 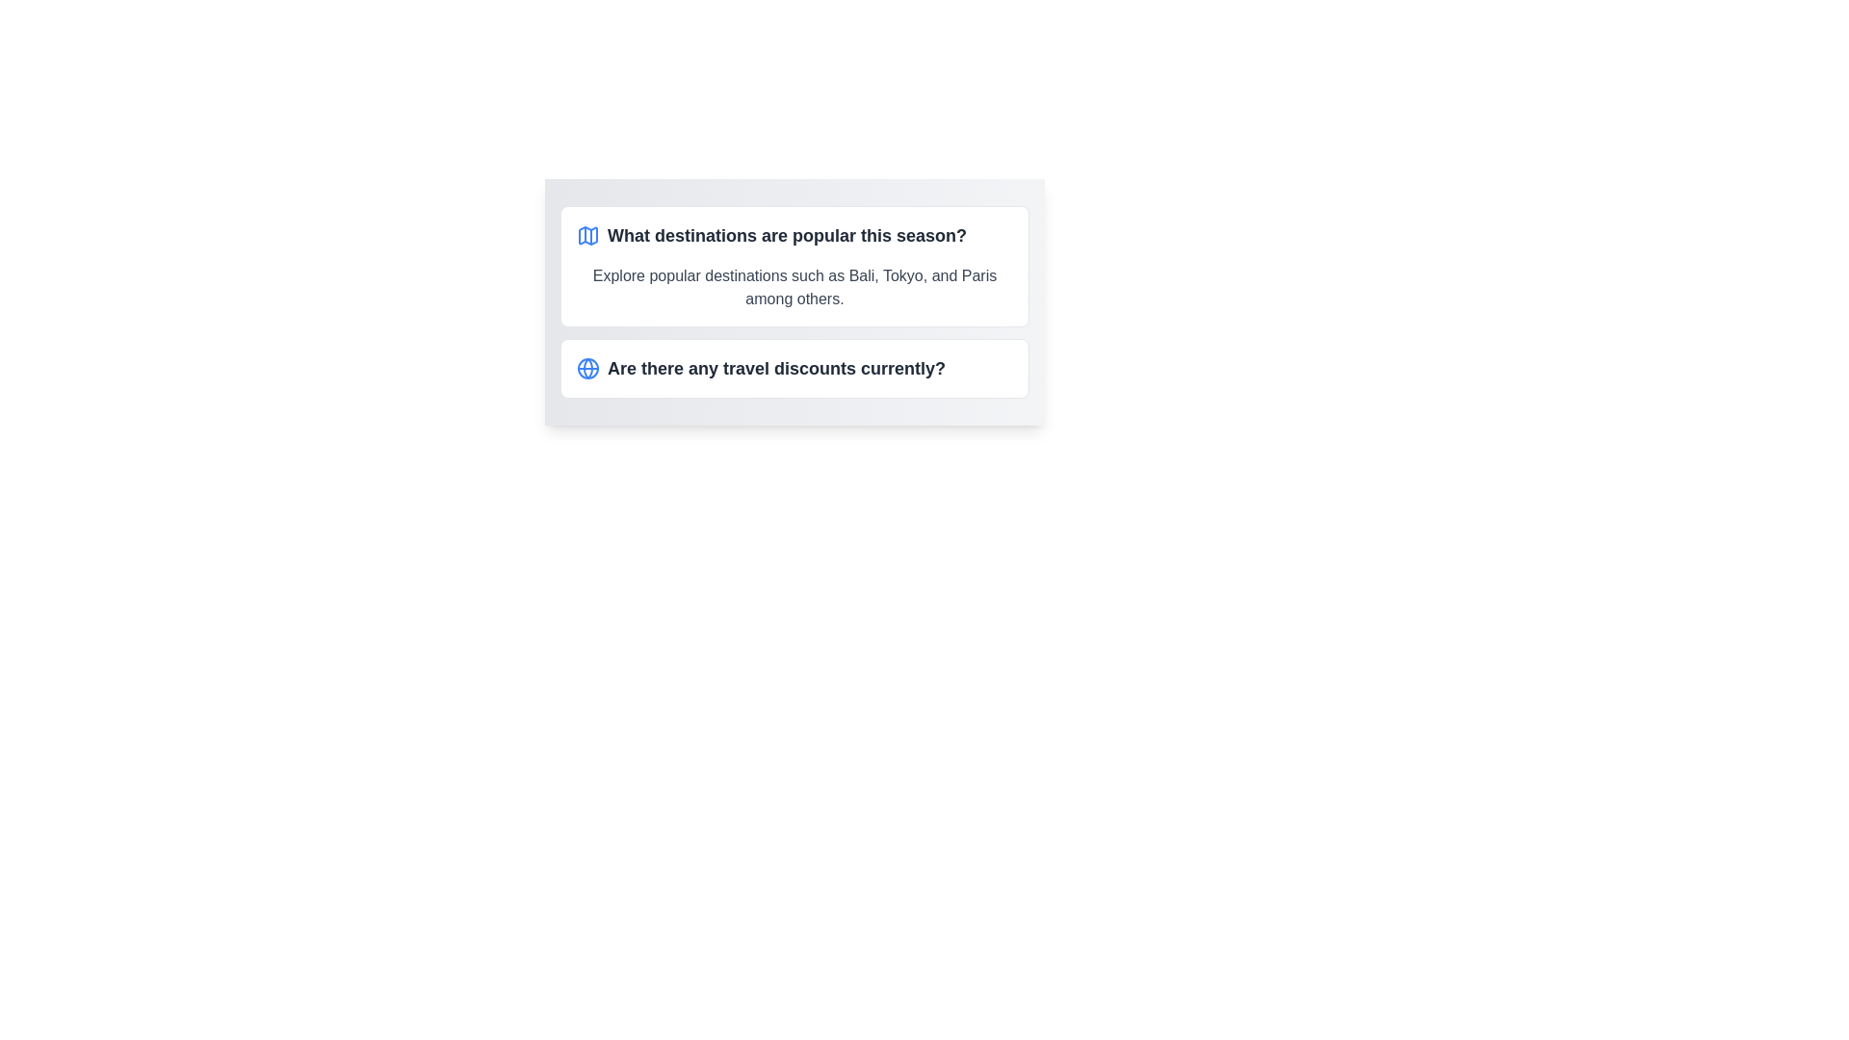 What do you see at coordinates (794, 235) in the screenshot?
I see `the header that introduces or navigates to content related to popular travel destinations of the season` at bounding box center [794, 235].